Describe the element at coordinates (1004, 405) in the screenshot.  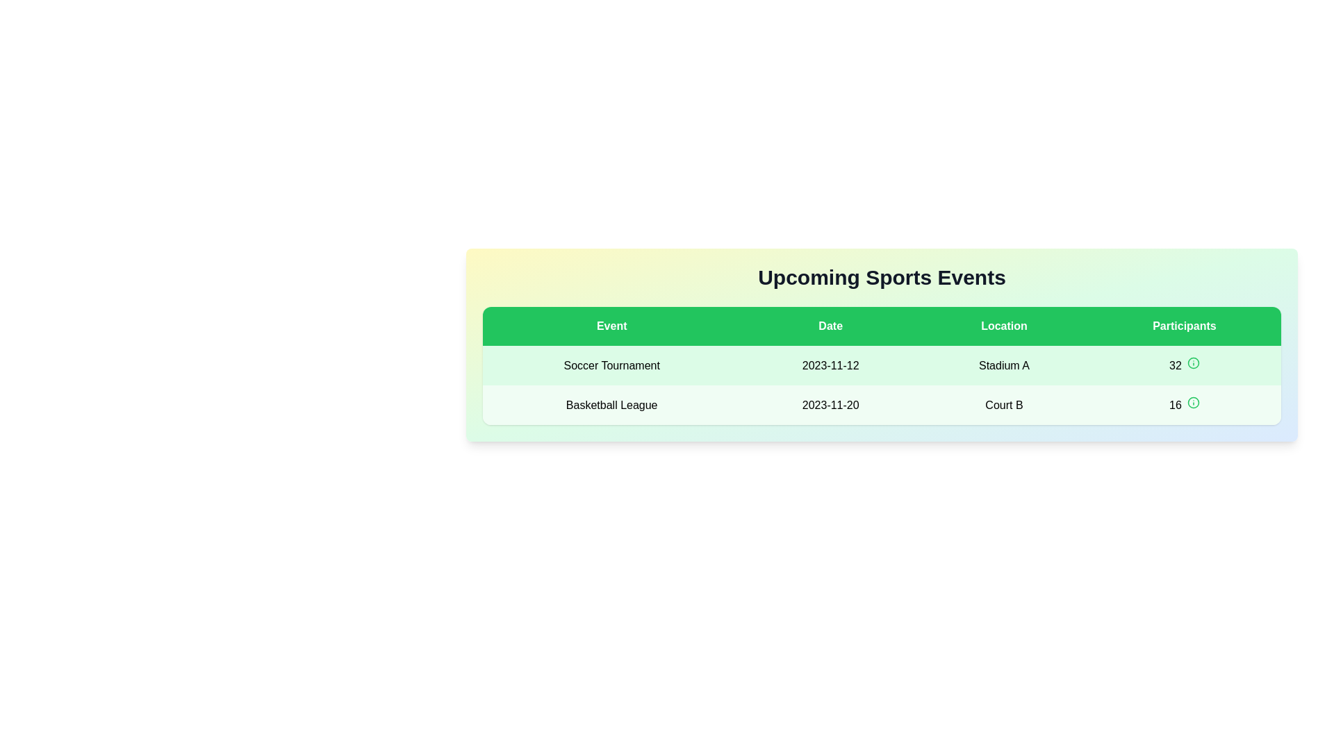
I see `the 'Court B' text label located in the 'Location' column of the 'Basketball League' row within the 'Upcoming Sports Events' table` at that location.